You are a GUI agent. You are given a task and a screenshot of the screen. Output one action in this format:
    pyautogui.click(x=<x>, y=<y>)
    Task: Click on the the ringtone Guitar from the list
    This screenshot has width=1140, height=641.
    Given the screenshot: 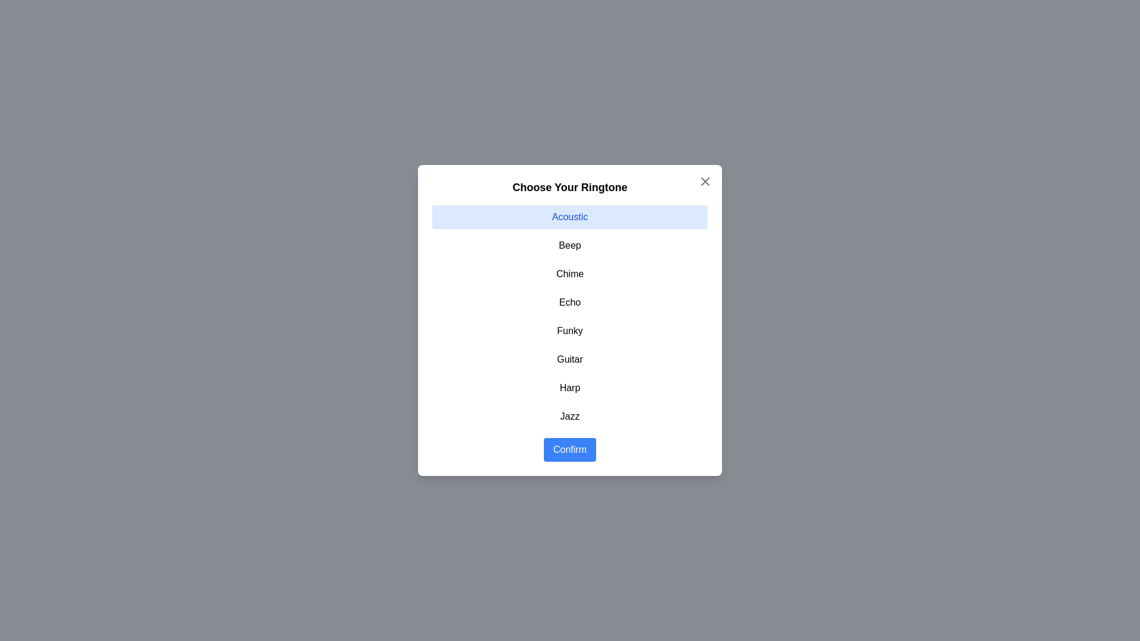 What is the action you would take?
    pyautogui.click(x=570, y=358)
    